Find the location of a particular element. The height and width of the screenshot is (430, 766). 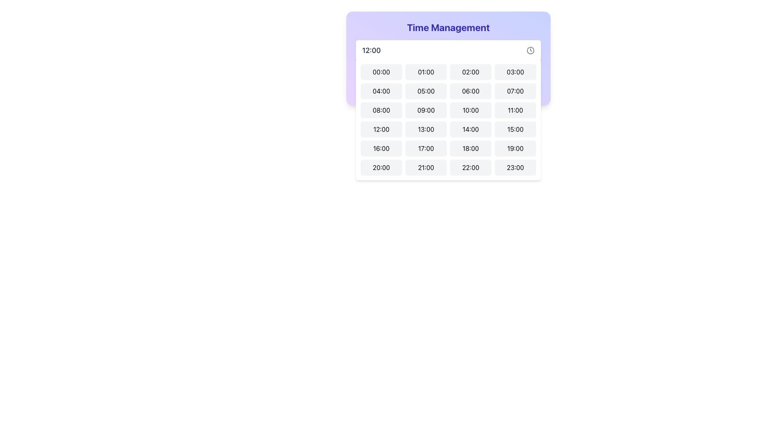

the '08:00' button in the 'Time Management' dropdown panel to change its color is located at coordinates (381, 110).